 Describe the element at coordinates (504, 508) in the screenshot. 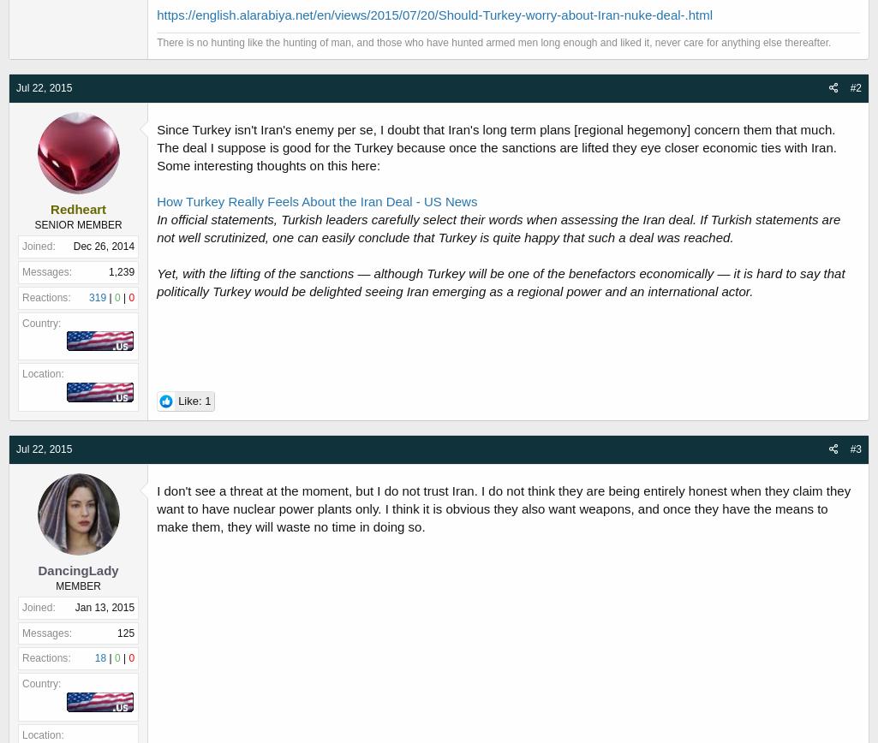

I see `'I don't see a threat at the moment, but I do not trust Iran. I do not think they are being entirely honest when they claim they want to have nuclear power plants only. I think it is obvious they also want weapons, and once they have the means to make them, they will waste no time in doing so.'` at that location.